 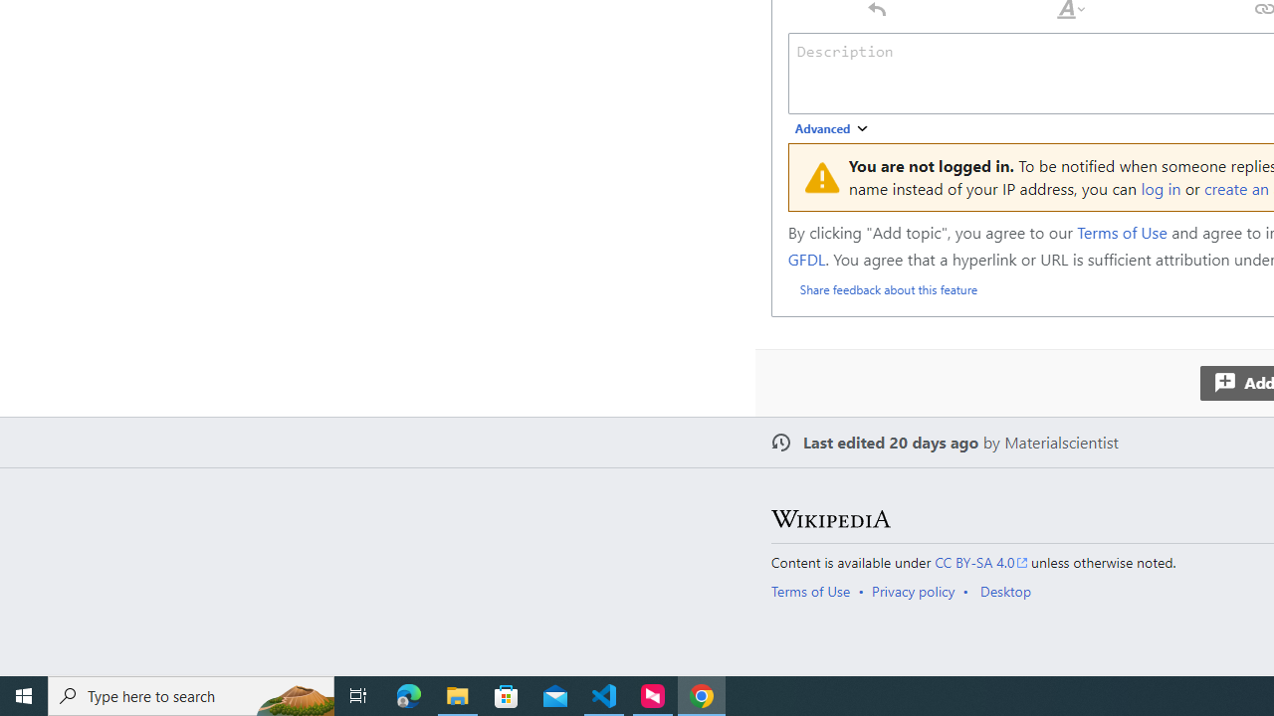 I want to click on 'Privacy policy', so click(x=912, y=590).